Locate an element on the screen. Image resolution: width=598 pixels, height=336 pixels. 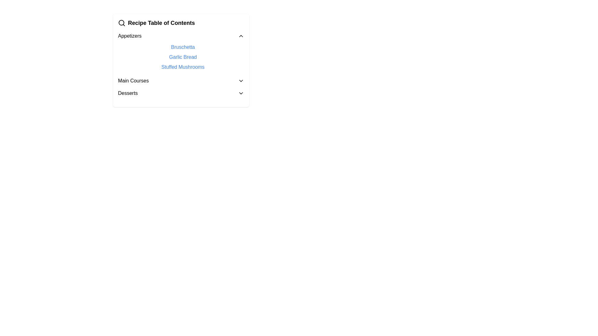
the Dropdown toggle icon located in the 'Recipe Table of Contents' panel to visually highlight it is located at coordinates (240, 80).